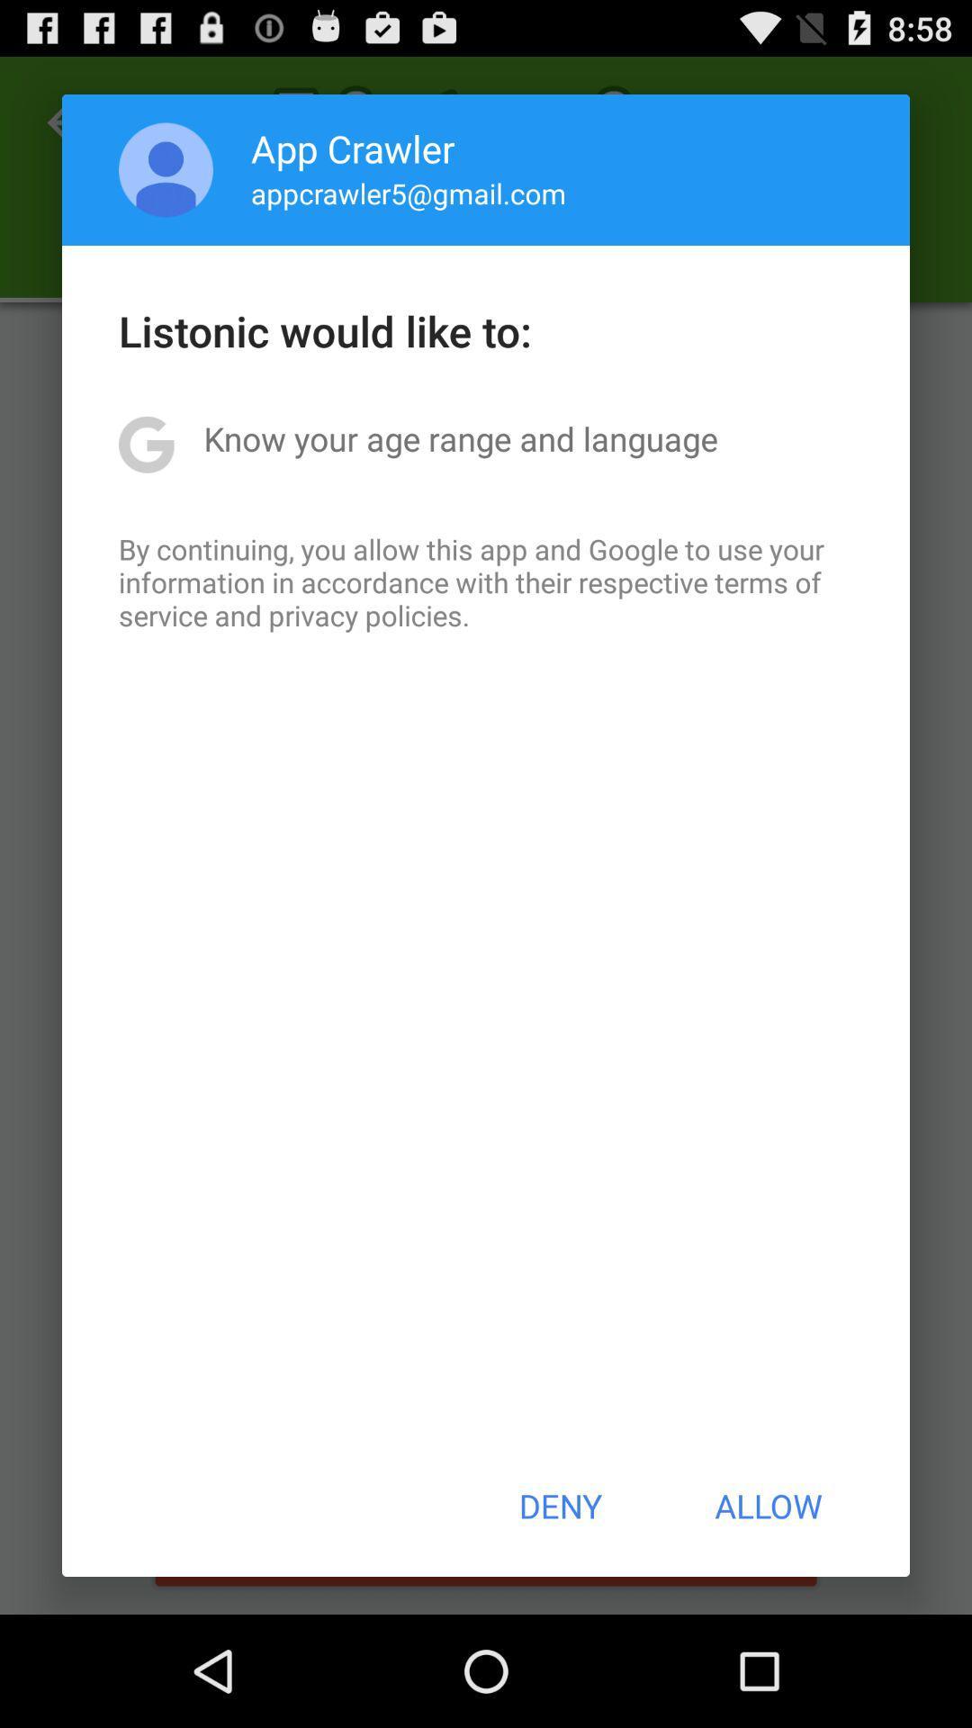  Describe the element at coordinates (460, 438) in the screenshot. I see `icon below listonic would like` at that location.